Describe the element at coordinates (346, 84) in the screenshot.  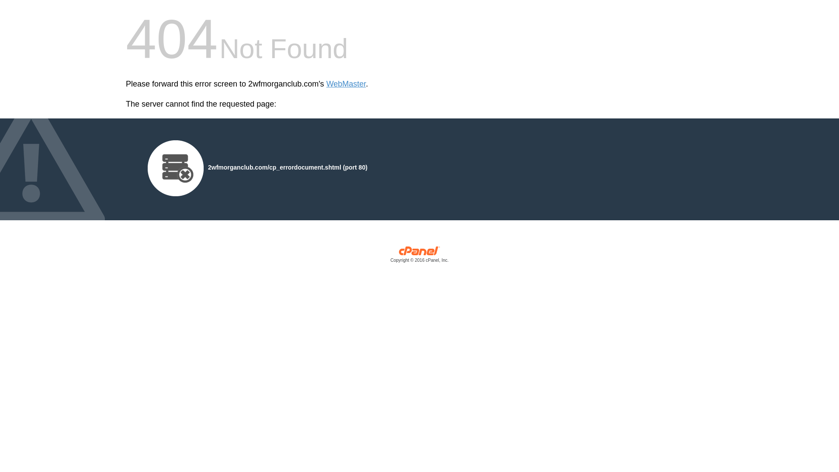
I see `'WebMaster'` at that location.